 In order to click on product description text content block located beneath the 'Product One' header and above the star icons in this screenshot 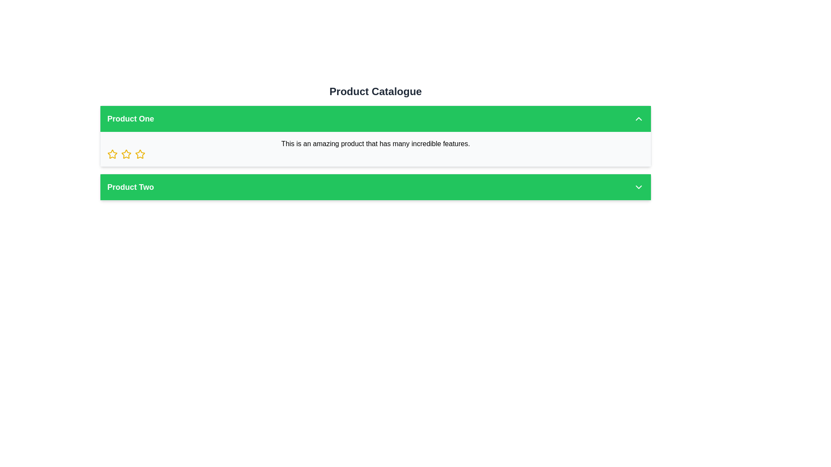, I will do `click(376, 148)`.